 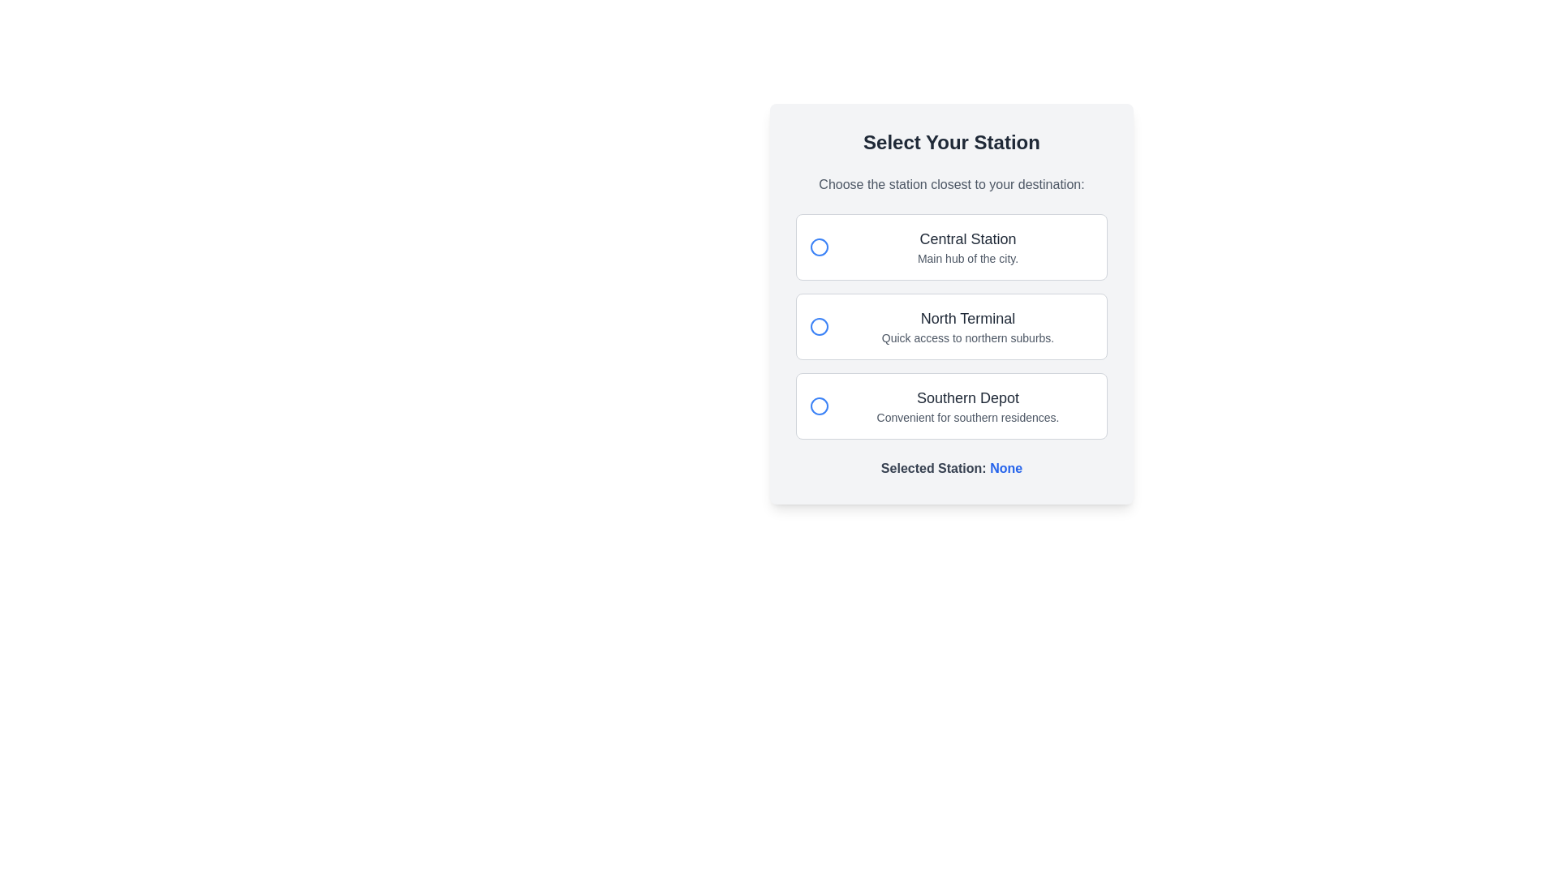 I want to click on the SVG Circle representing the active state of the 'North Terminal' radio button to observe the hover effects, so click(x=819, y=326).